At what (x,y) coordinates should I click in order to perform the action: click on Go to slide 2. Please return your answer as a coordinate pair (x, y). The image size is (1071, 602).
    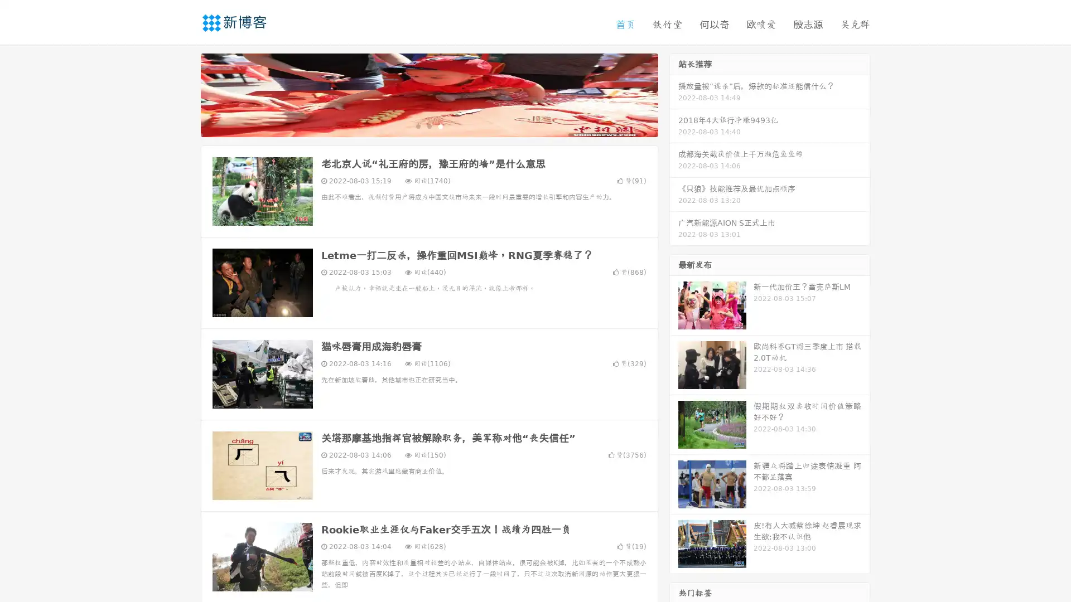
    Looking at the image, I should click on (428, 125).